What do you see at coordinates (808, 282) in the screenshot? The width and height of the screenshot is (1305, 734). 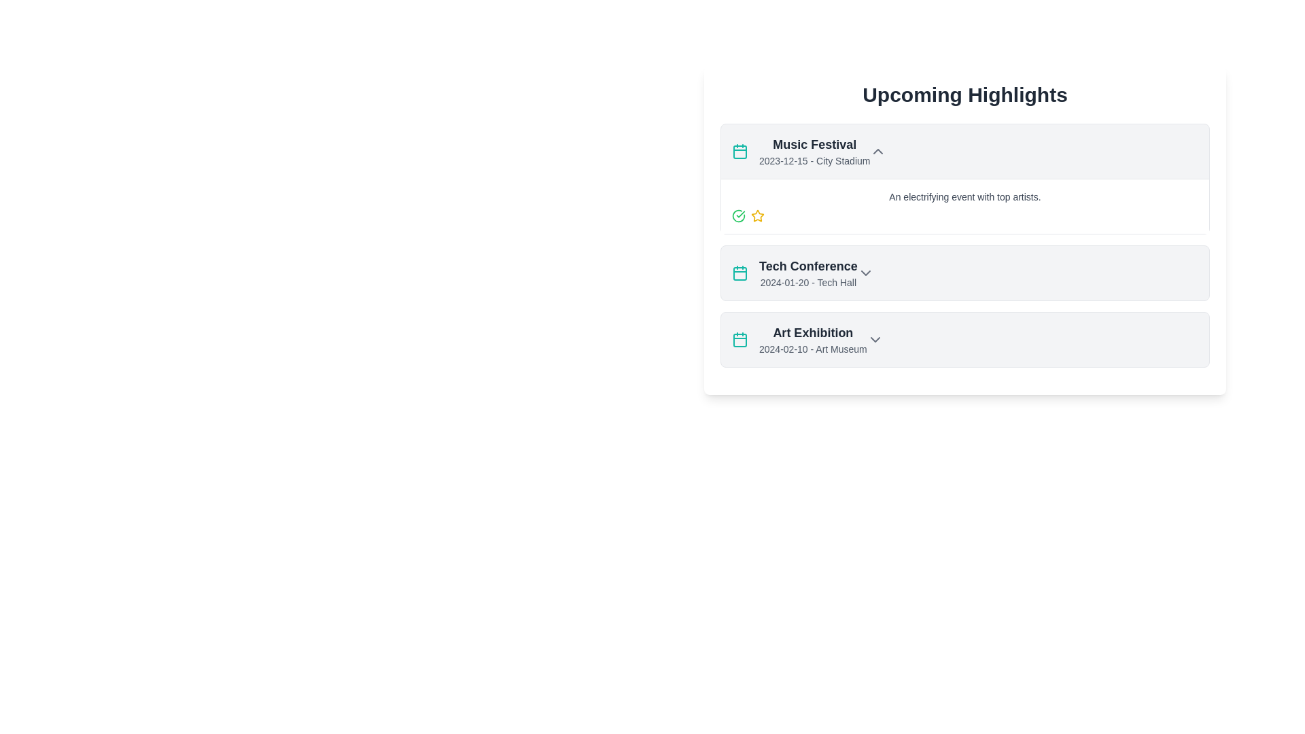 I see `the Text label that provides information about the date and venue of the 'Tech Conference' event, located below the title 'Tech Conference' in the middle section of the event list` at bounding box center [808, 282].